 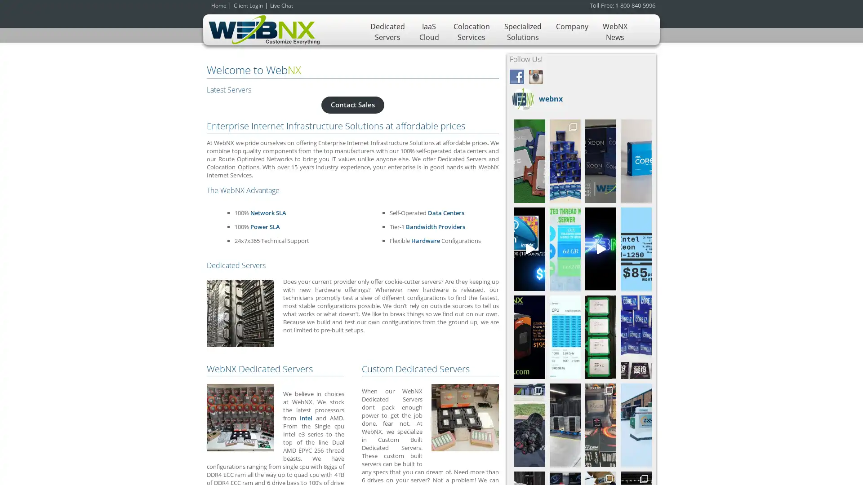 What do you see at coordinates (630, 335) in the screenshot?
I see `Go` at bounding box center [630, 335].